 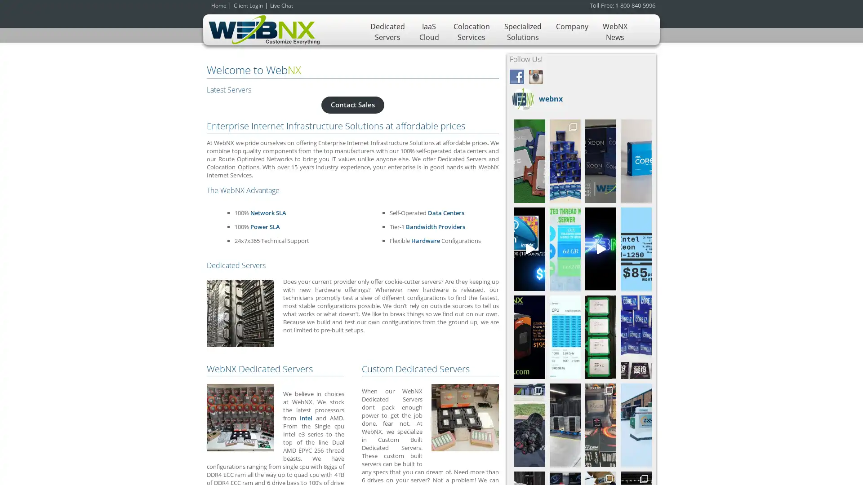 What do you see at coordinates (630, 335) in the screenshot?
I see `Go` at bounding box center [630, 335].